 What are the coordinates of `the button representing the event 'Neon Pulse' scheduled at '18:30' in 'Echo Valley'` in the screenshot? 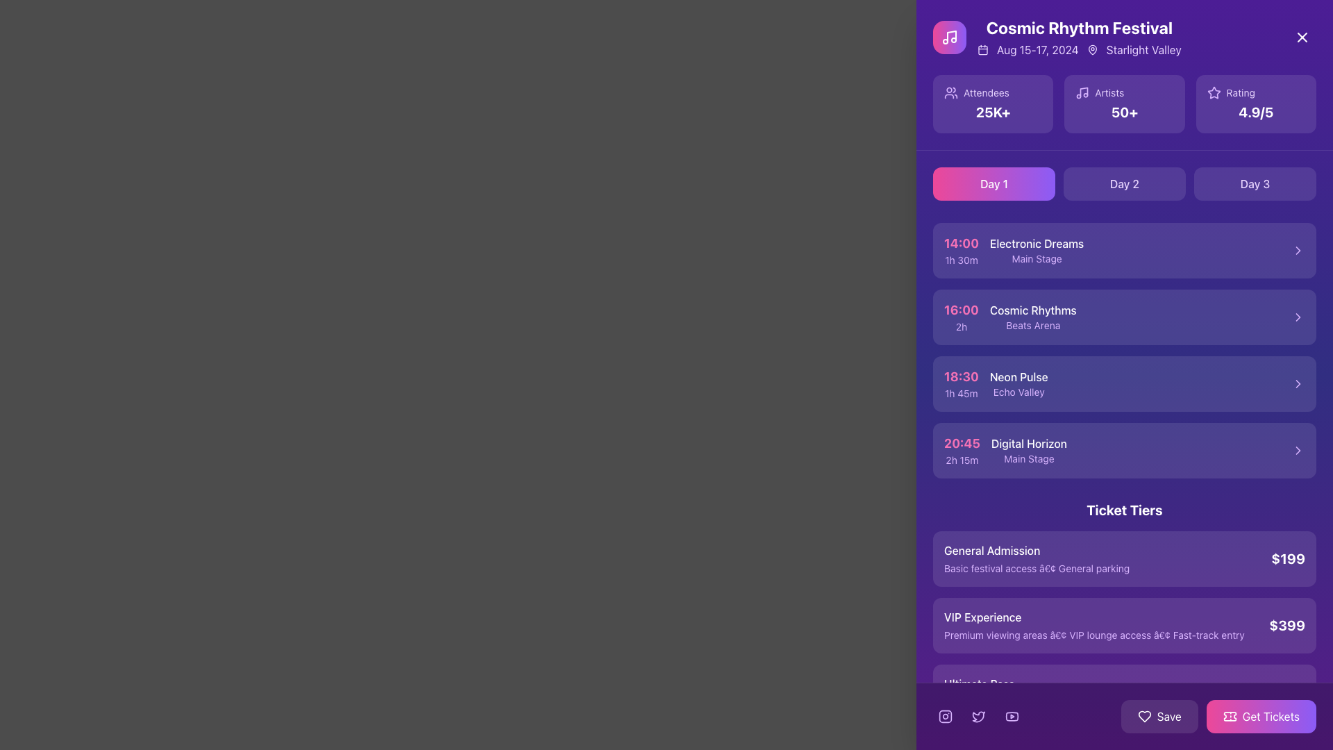 It's located at (1125, 383).